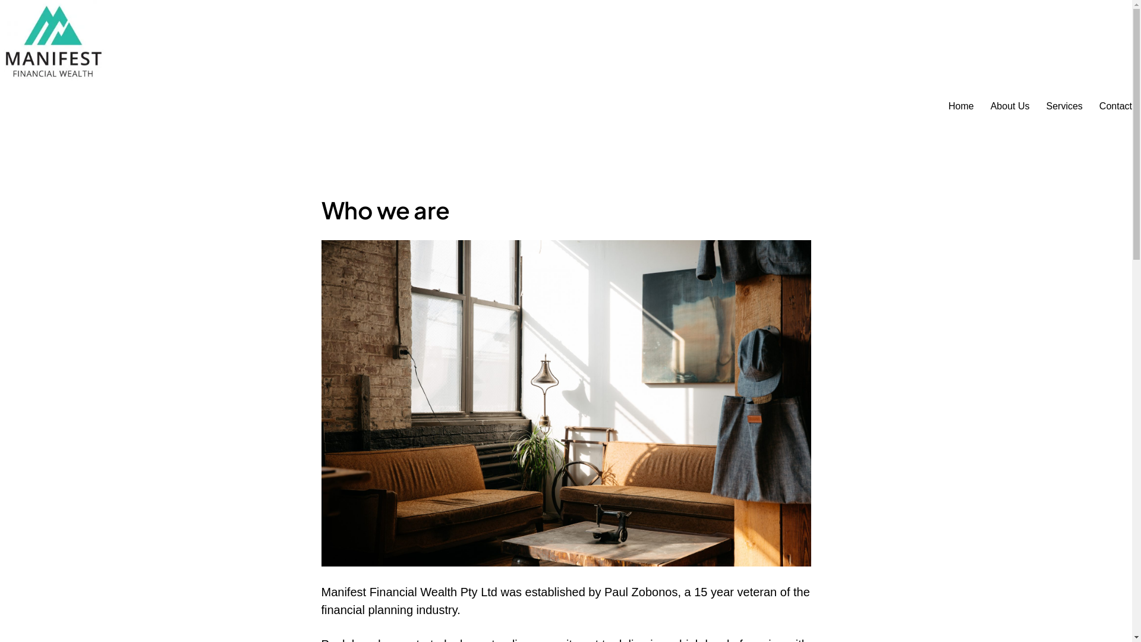 The image size is (1141, 642). I want to click on 'Services', so click(1064, 105).